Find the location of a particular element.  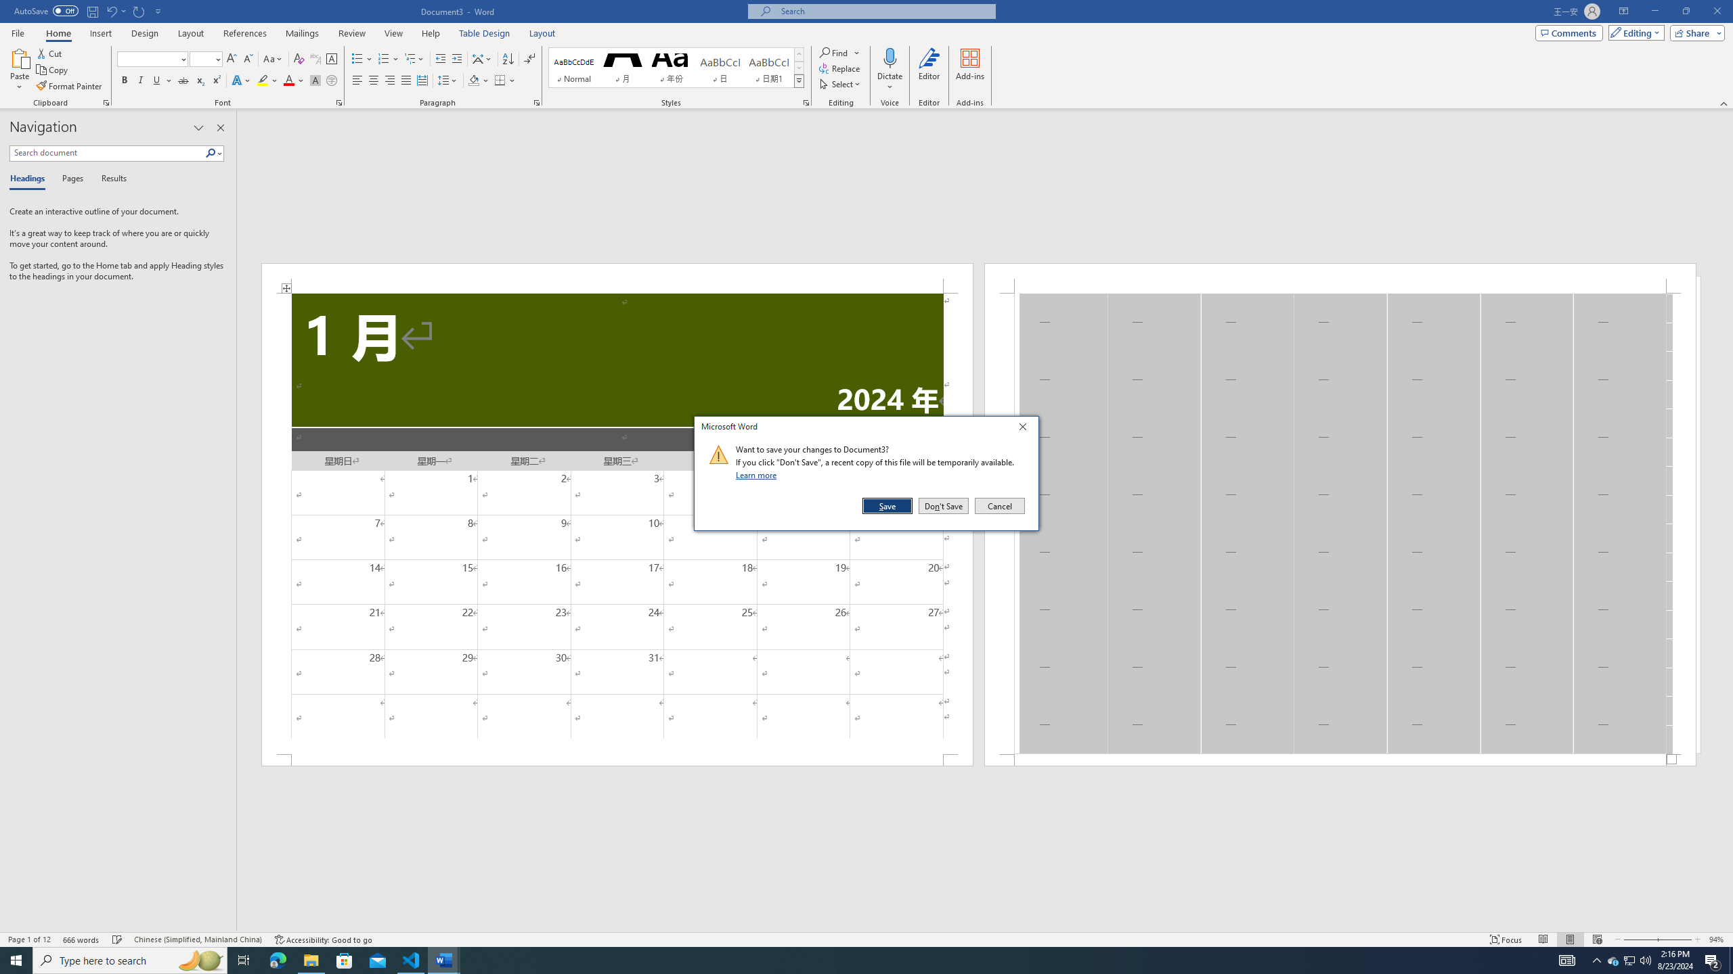

'Repeat Style' is located at coordinates (139, 10).